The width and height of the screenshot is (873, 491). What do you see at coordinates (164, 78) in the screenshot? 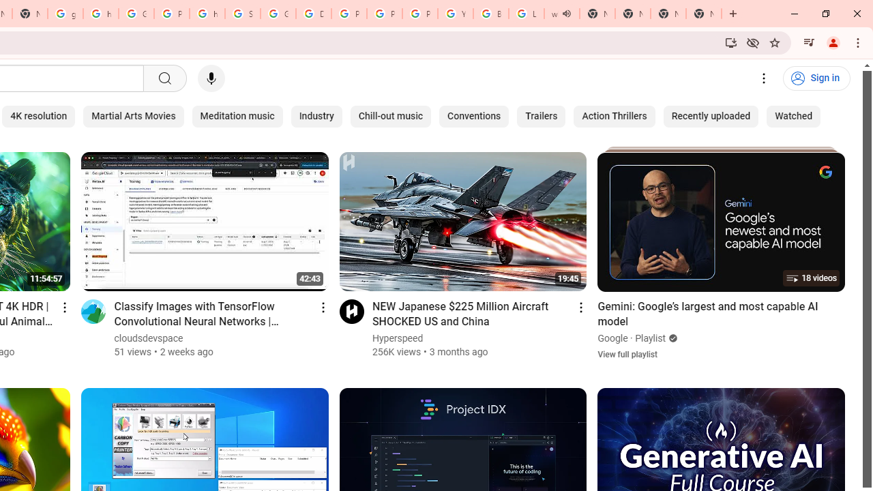
I see `'Search'` at bounding box center [164, 78].